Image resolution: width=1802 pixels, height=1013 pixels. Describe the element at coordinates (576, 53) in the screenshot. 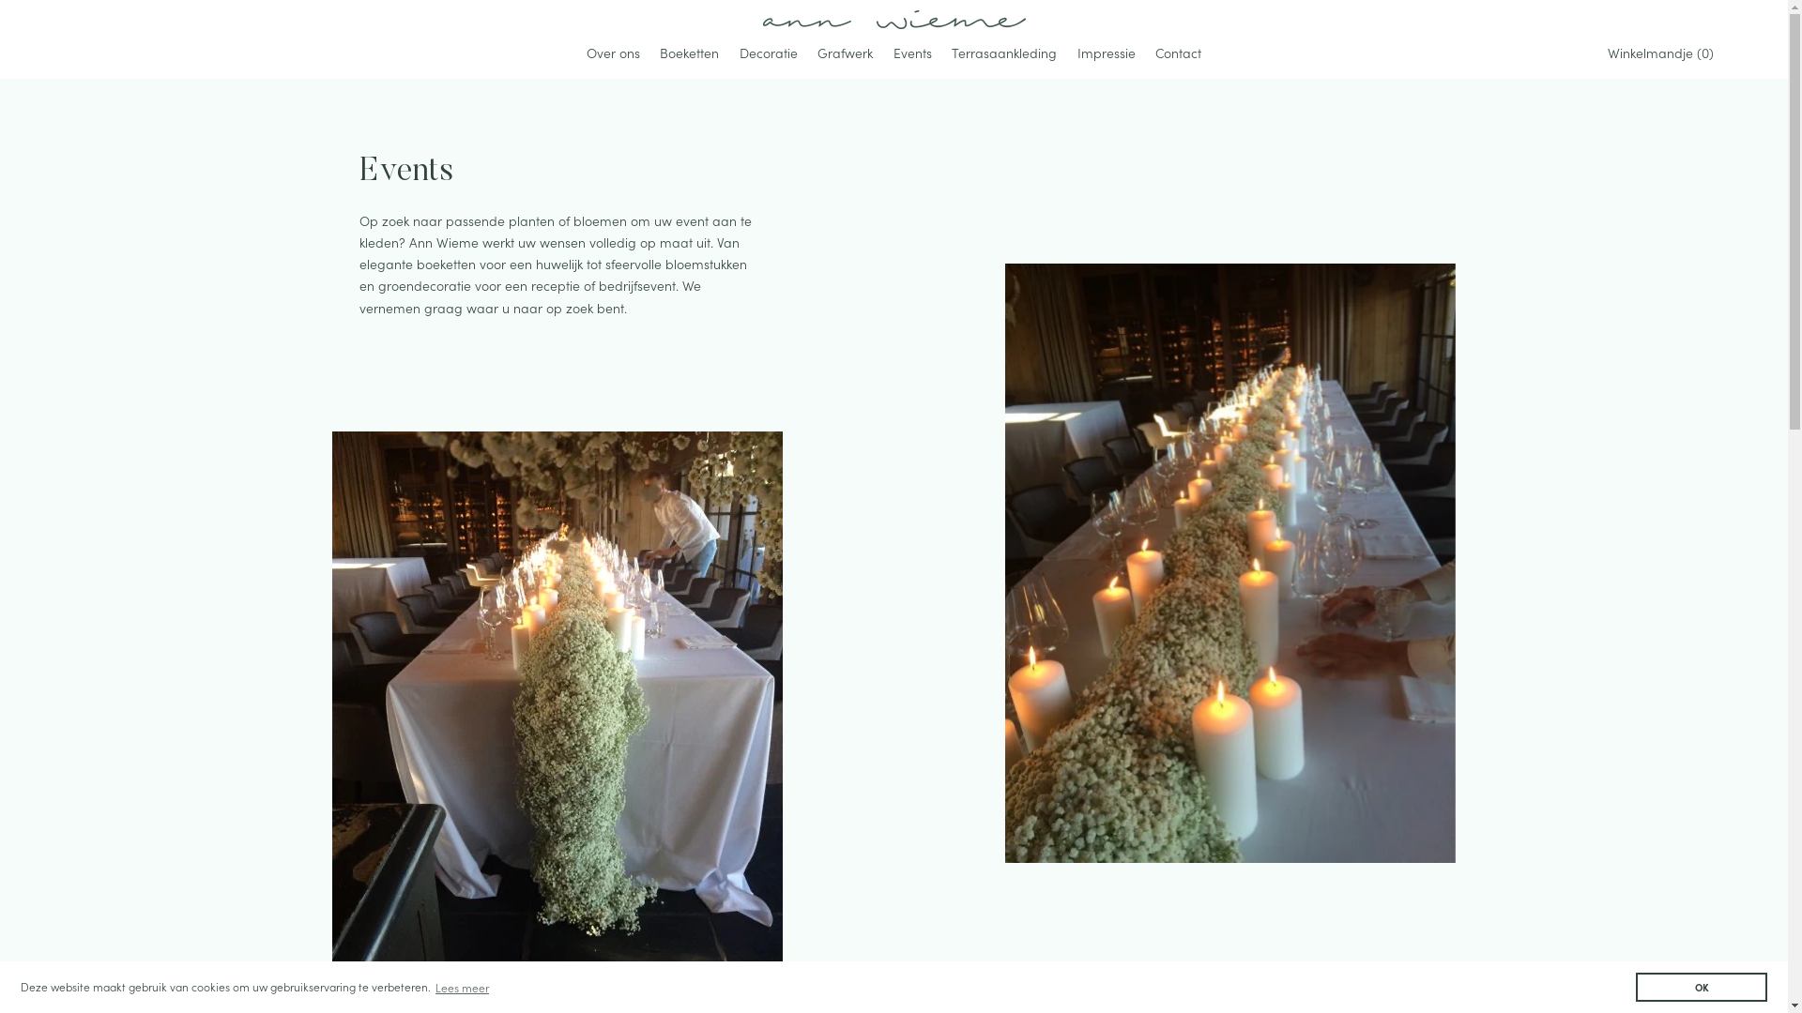

I see `'Over ons'` at that location.